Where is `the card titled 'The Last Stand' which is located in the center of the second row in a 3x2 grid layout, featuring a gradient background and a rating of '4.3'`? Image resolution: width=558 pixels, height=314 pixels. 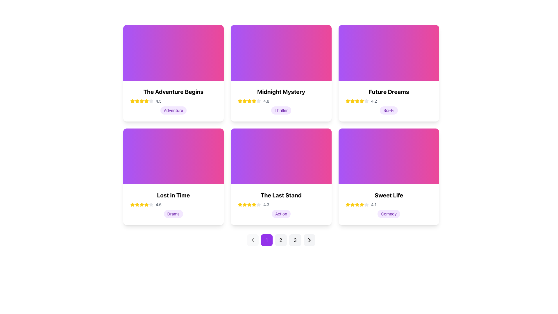 the card titled 'The Last Stand' which is located in the center of the second row in a 3x2 grid layout, featuring a gradient background and a rating of '4.3' is located at coordinates (281, 176).